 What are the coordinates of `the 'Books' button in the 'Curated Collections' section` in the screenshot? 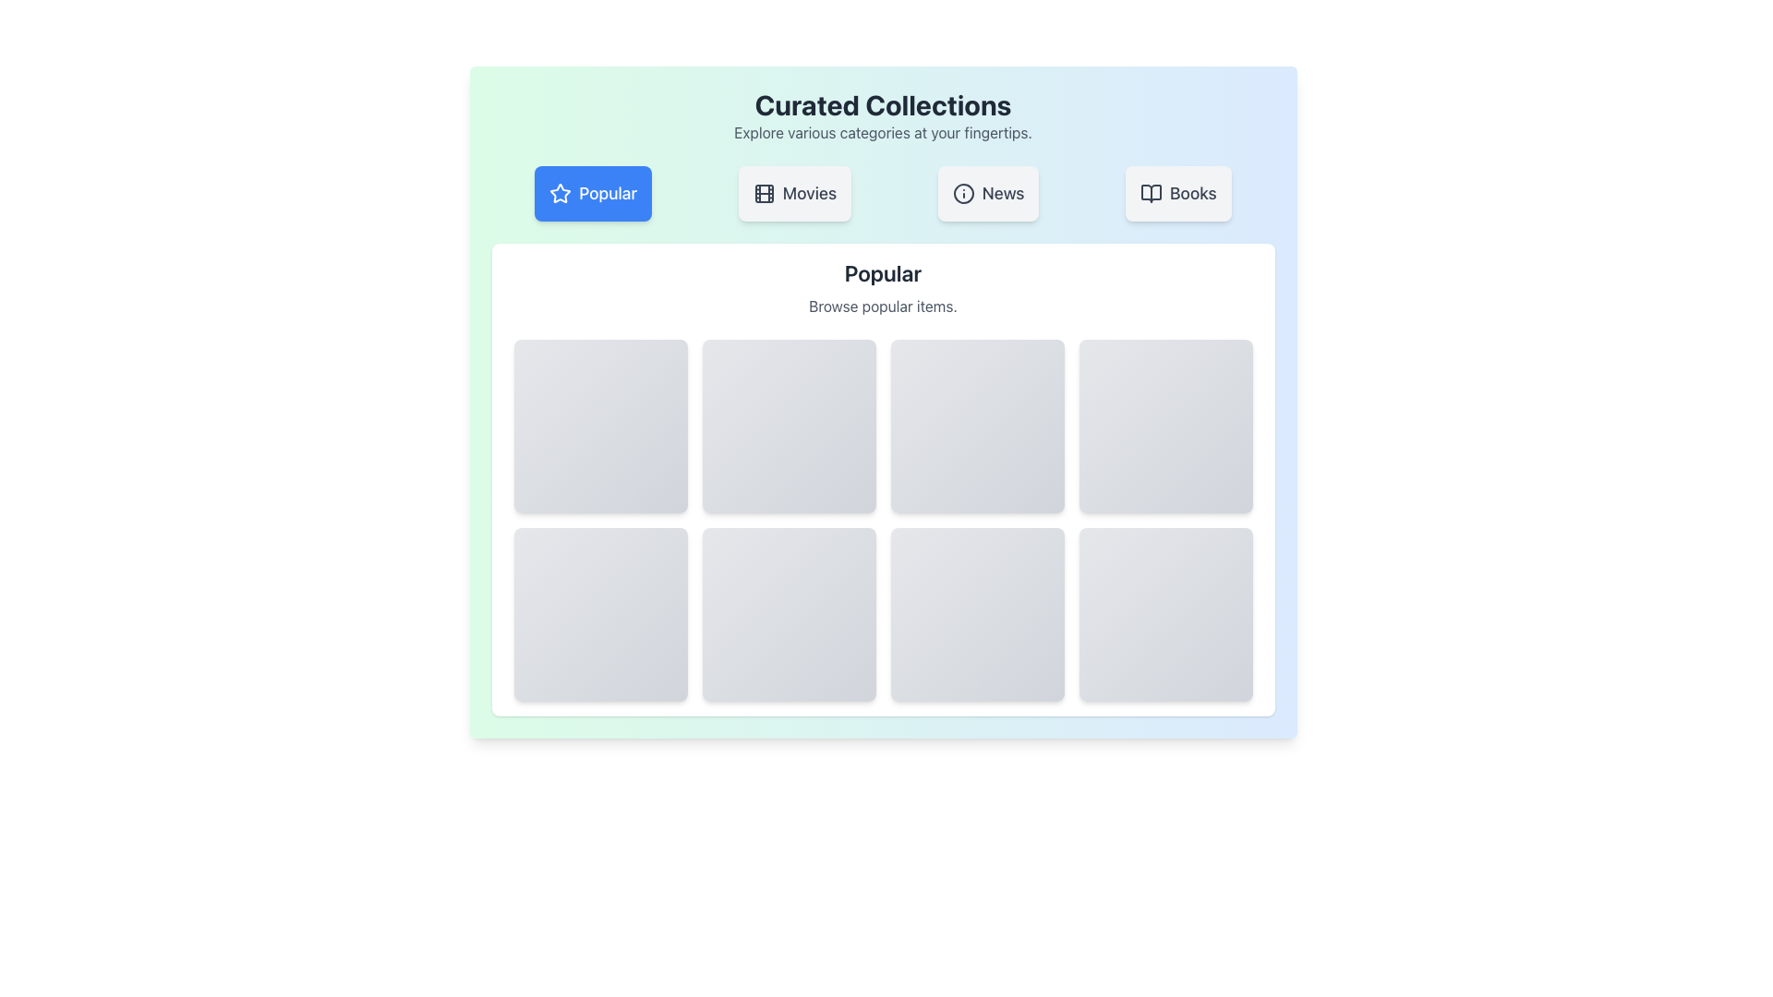 It's located at (1177, 193).